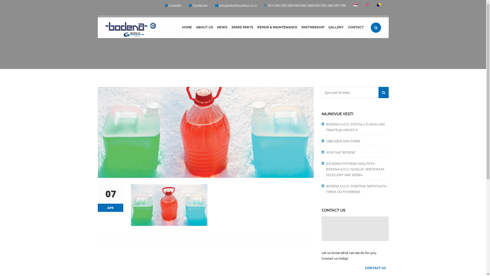 Image resolution: width=490 pixels, height=276 pixels. What do you see at coordinates (175, 5) in the screenshot?
I see `'Linkedin'` at bounding box center [175, 5].